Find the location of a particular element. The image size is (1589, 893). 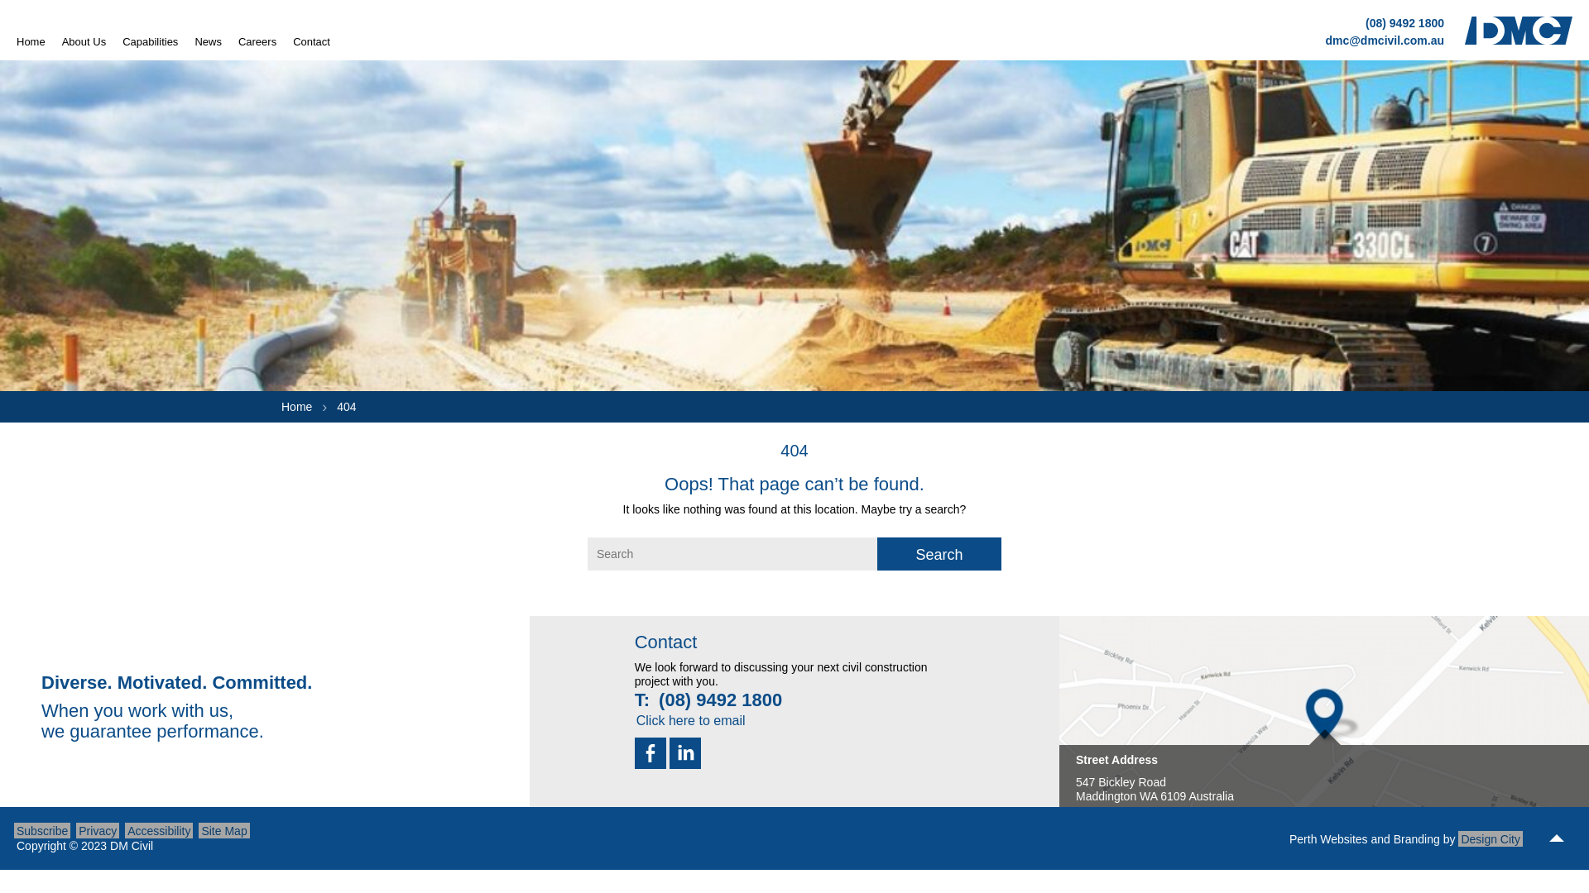

'dmc@dmcivil.com.au' is located at coordinates (1385, 39).